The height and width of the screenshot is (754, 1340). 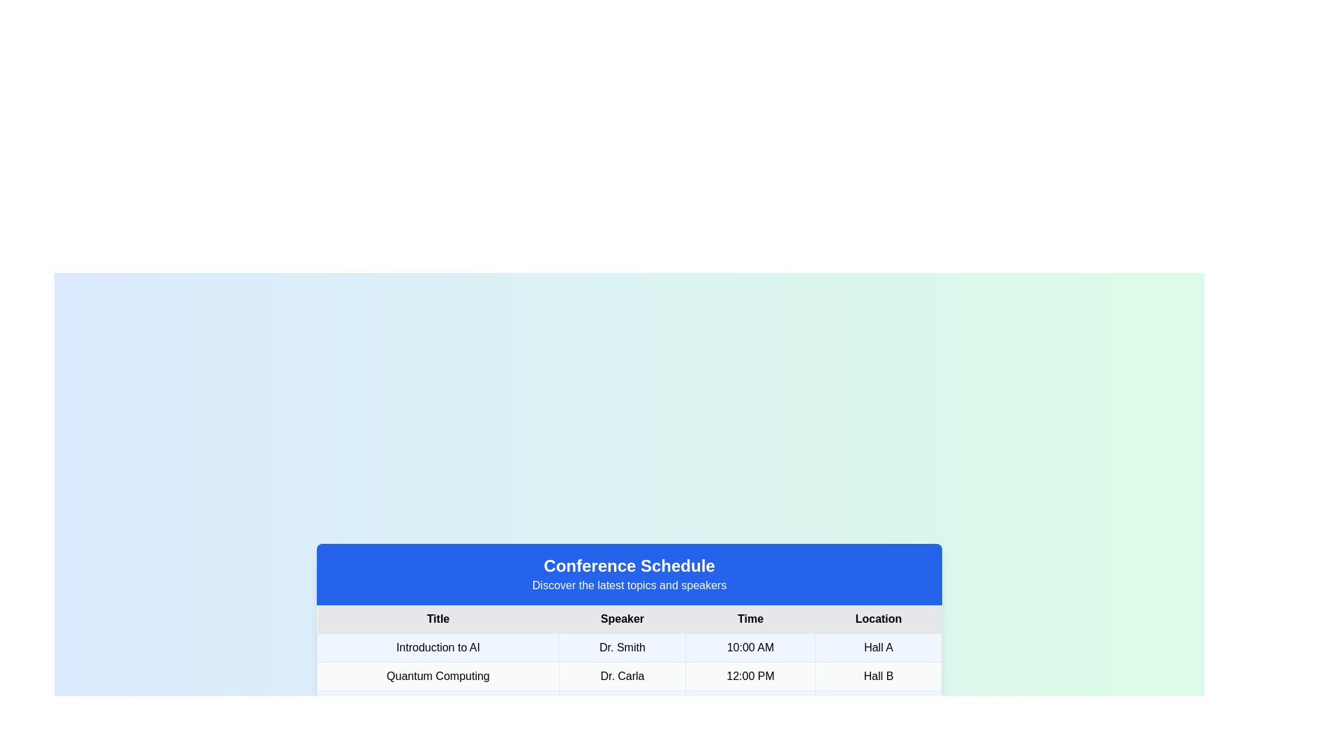 I want to click on the 'Time' text label that displays the scheduled time for the 'Quantum Computing' session in the conference schedule table, so click(x=750, y=675).